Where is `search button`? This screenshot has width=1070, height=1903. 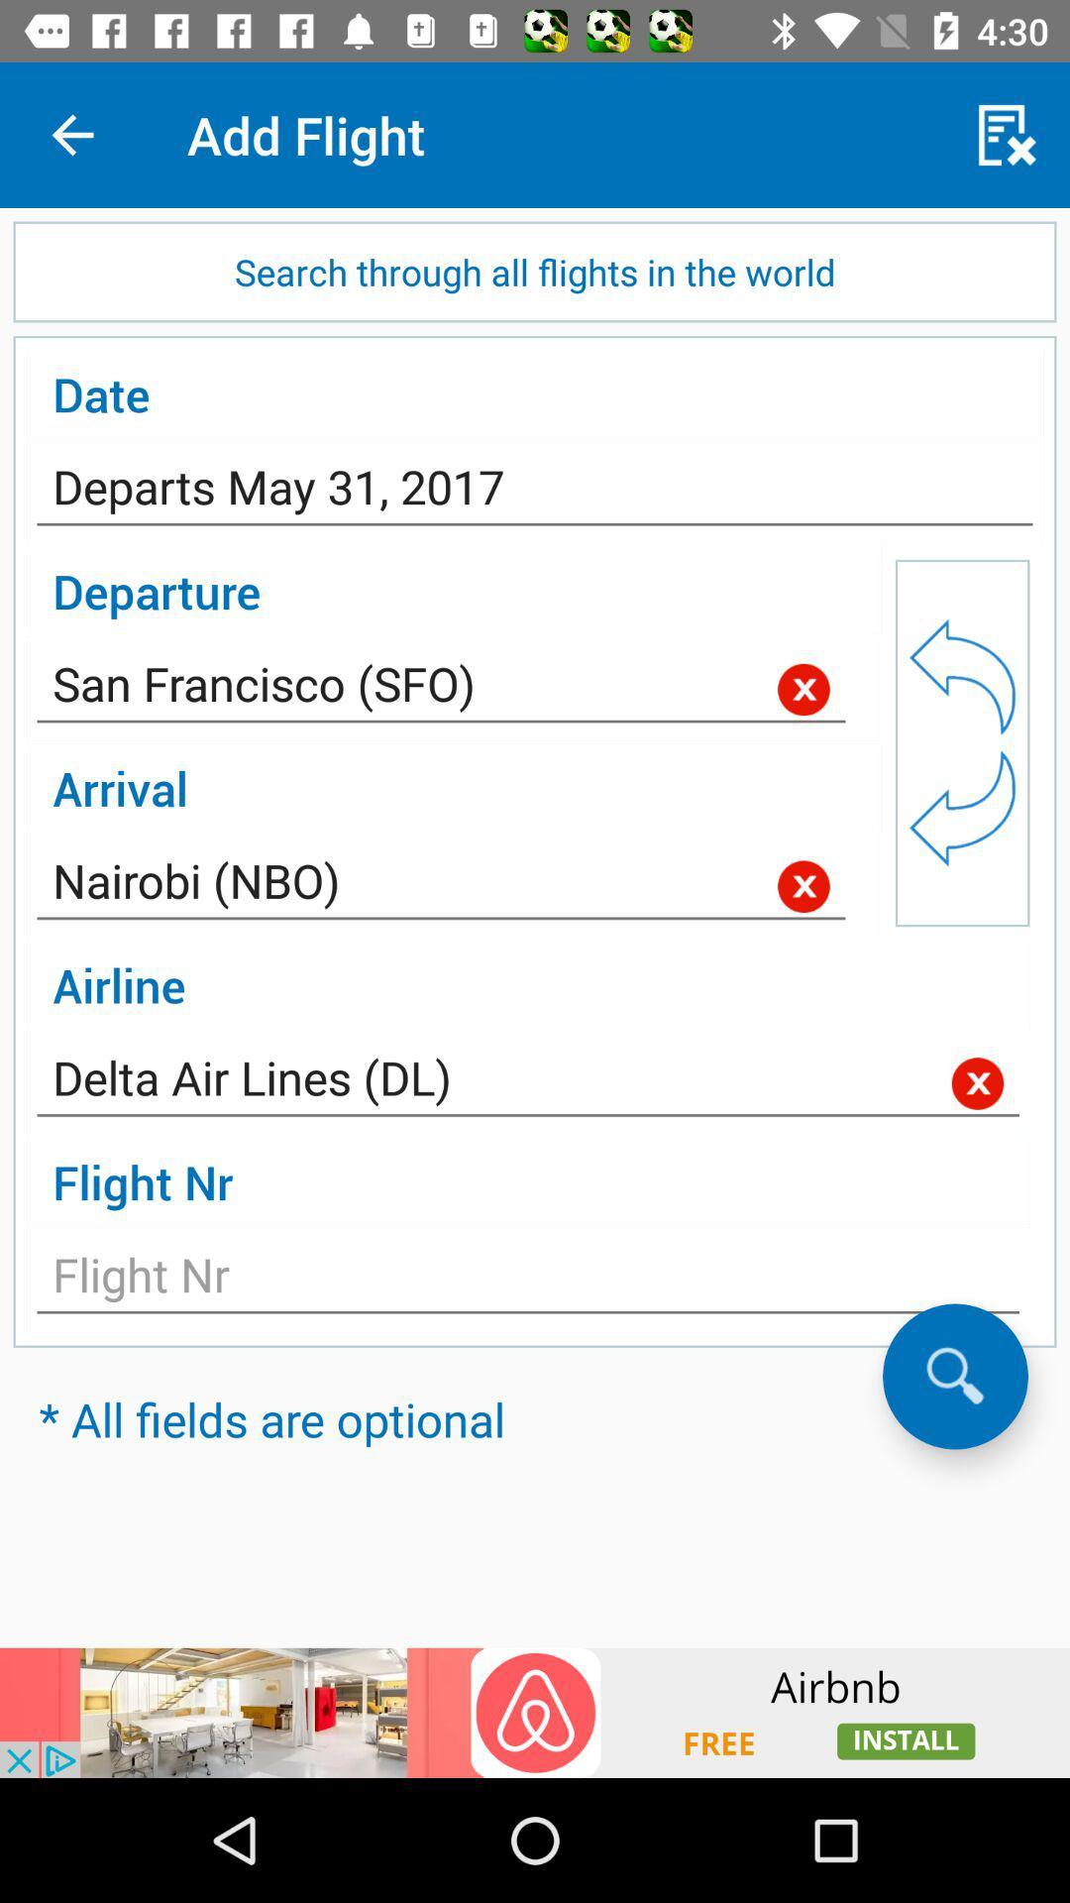 search button is located at coordinates (954, 1375).